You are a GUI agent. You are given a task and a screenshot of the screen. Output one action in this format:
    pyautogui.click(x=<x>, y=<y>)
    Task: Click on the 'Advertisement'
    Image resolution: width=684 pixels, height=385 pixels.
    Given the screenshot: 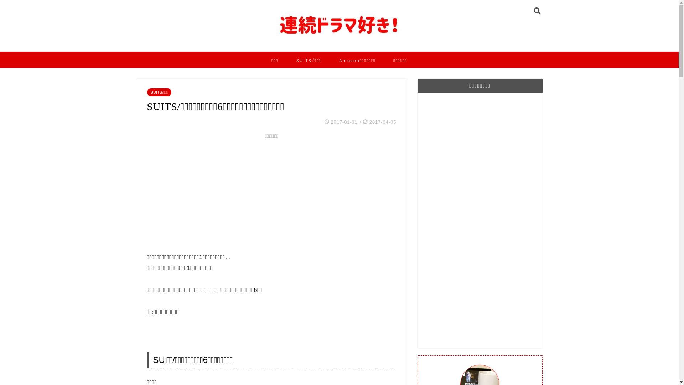 What is the action you would take?
    pyautogui.click(x=271, y=191)
    